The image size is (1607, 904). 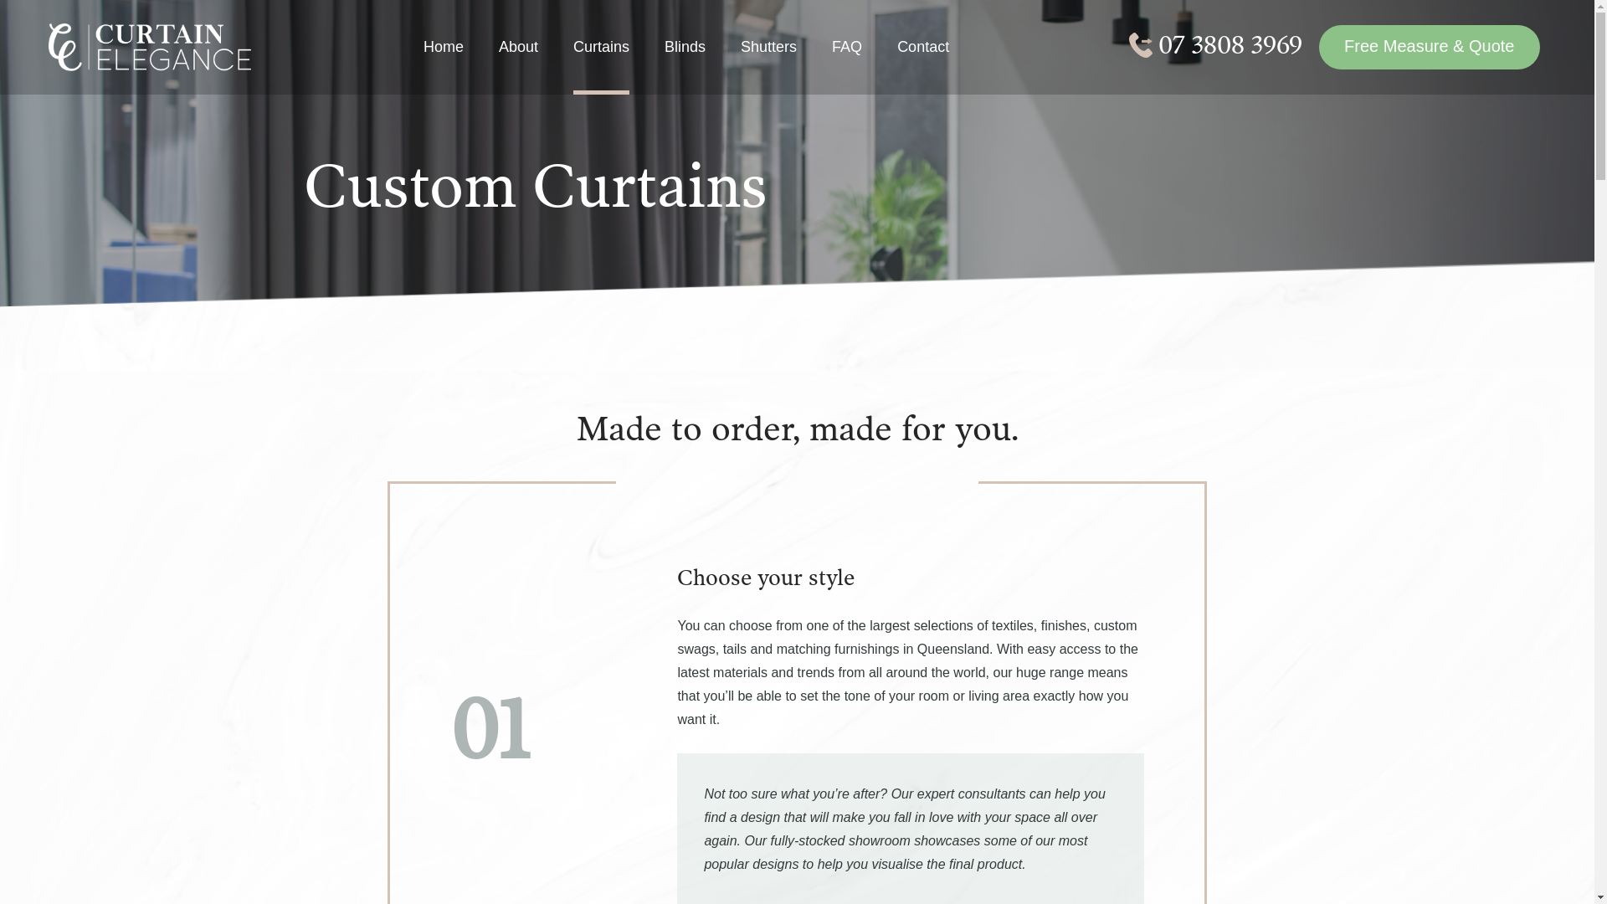 I want to click on 'Free Measure & Quote', so click(x=1428, y=46).